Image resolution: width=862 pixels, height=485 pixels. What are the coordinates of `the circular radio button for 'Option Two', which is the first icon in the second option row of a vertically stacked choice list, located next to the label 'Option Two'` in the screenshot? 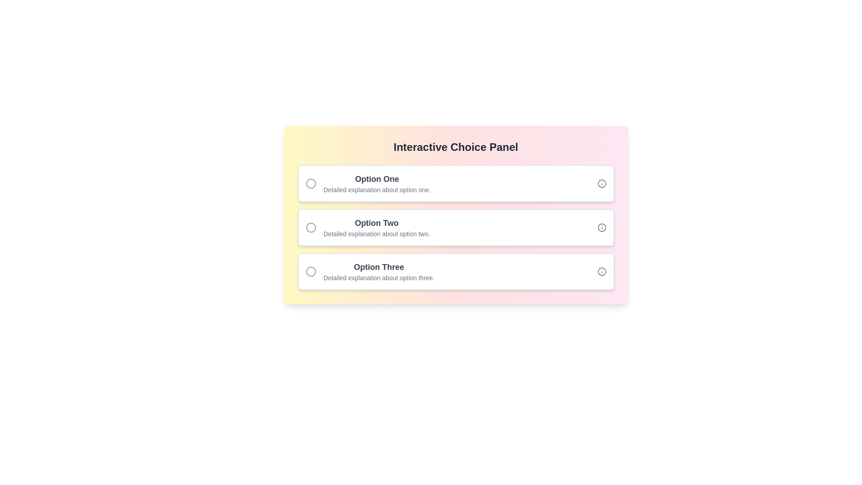 It's located at (311, 227).